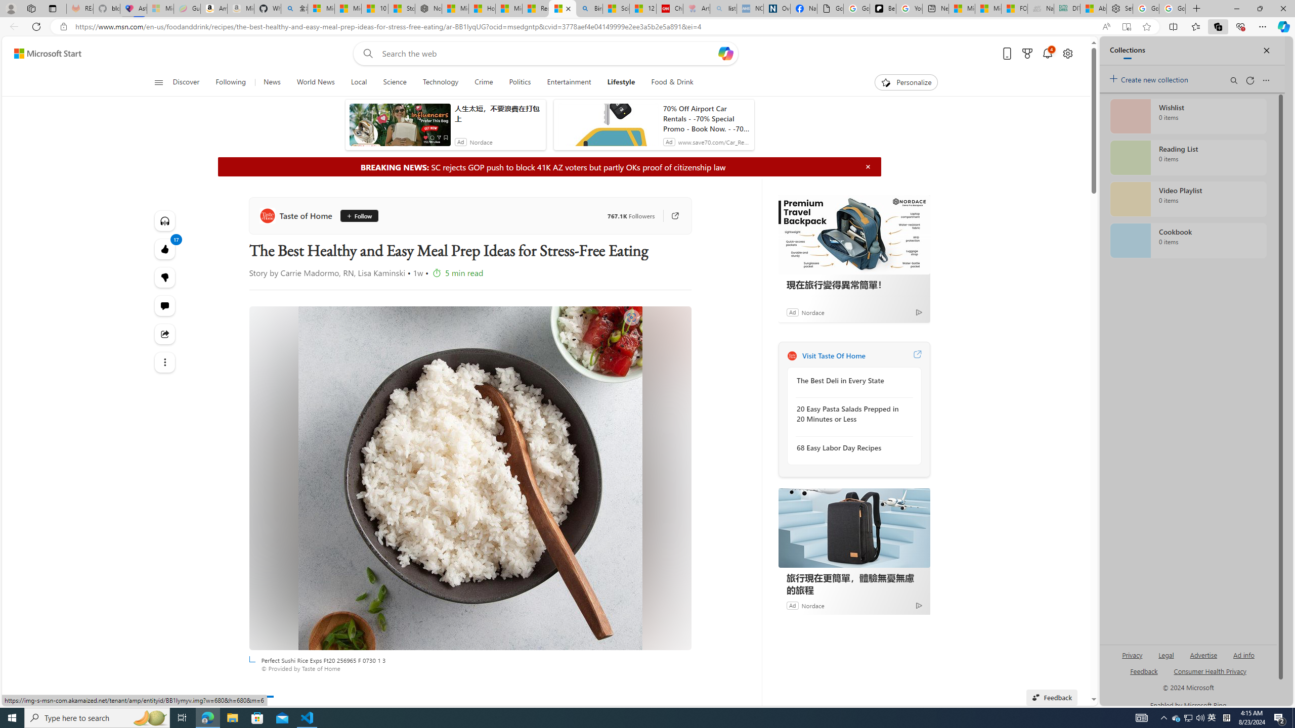 This screenshot has width=1295, height=728. What do you see at coordinates (440, 82) in the screenshot?
I see `'Technology'` at bounding box center [440, 82].